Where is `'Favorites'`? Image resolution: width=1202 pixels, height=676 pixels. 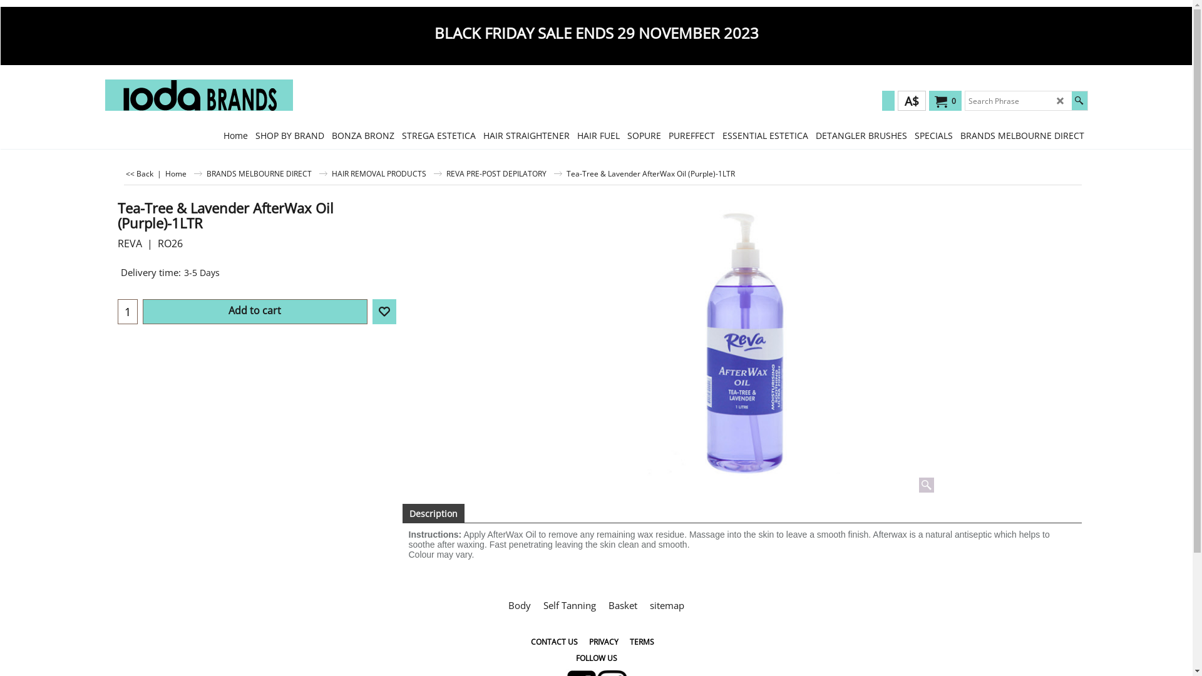 'Favorites' is located at coordinates (371, 310).